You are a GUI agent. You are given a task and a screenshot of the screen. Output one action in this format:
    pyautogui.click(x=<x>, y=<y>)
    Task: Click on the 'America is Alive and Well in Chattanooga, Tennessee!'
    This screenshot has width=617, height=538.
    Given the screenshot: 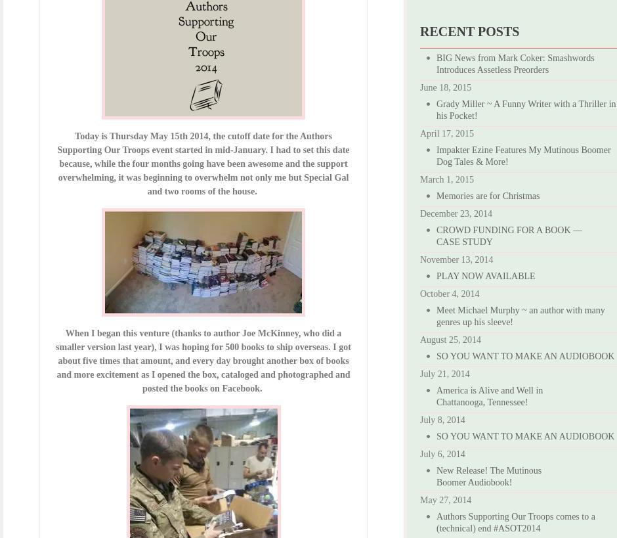 What is the action you would take?
    pyautogui.click(x=488, y=395)
    